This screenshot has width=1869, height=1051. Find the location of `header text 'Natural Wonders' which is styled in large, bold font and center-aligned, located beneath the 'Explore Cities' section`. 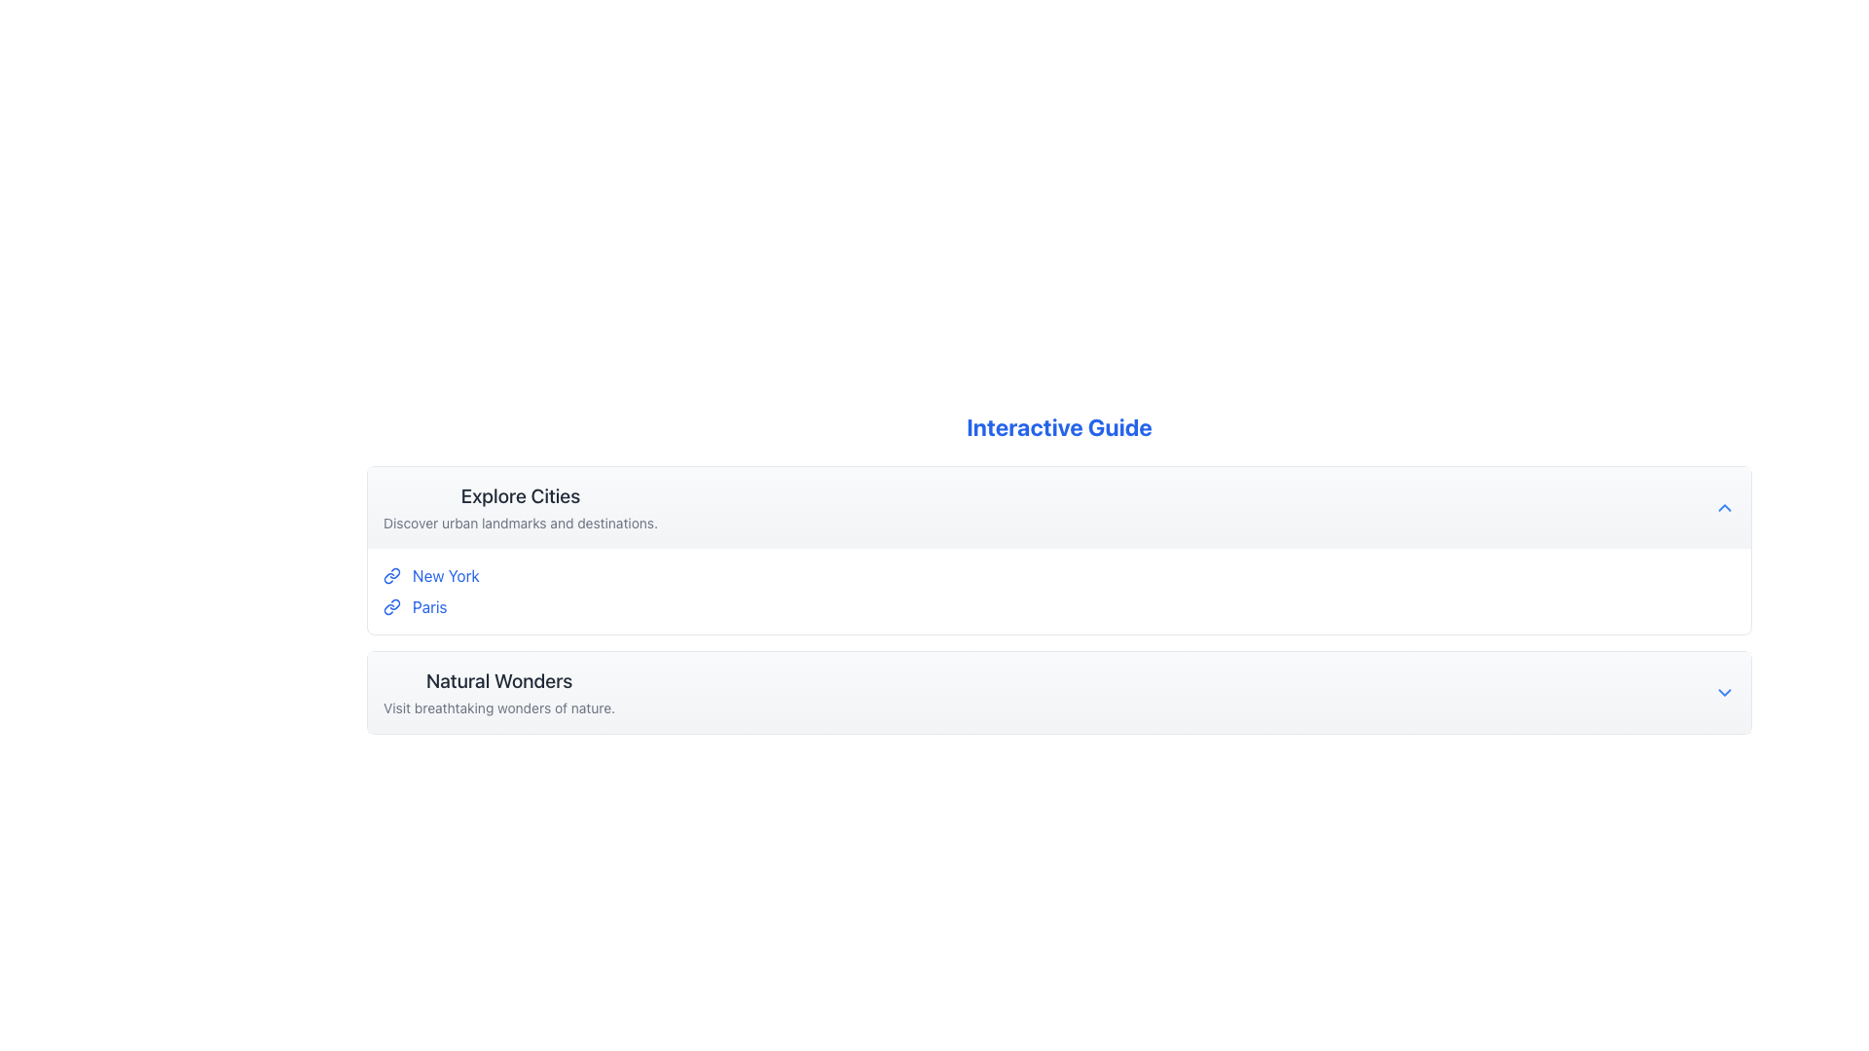

header text 'Natural Wonders' which is styled in large, bold font and center-aligned, located beneath the 'Explore Cities' section is located at coordinates (499, 679).